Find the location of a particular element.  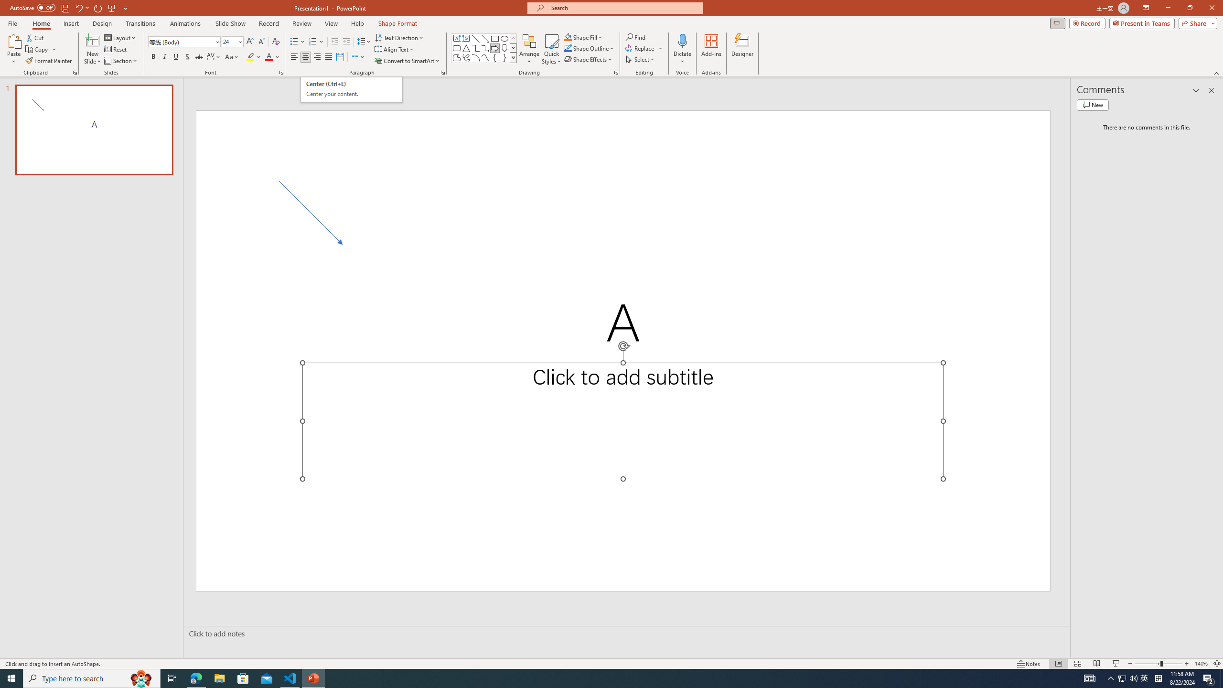

'New comment' is located at coordinates (1092, 104).